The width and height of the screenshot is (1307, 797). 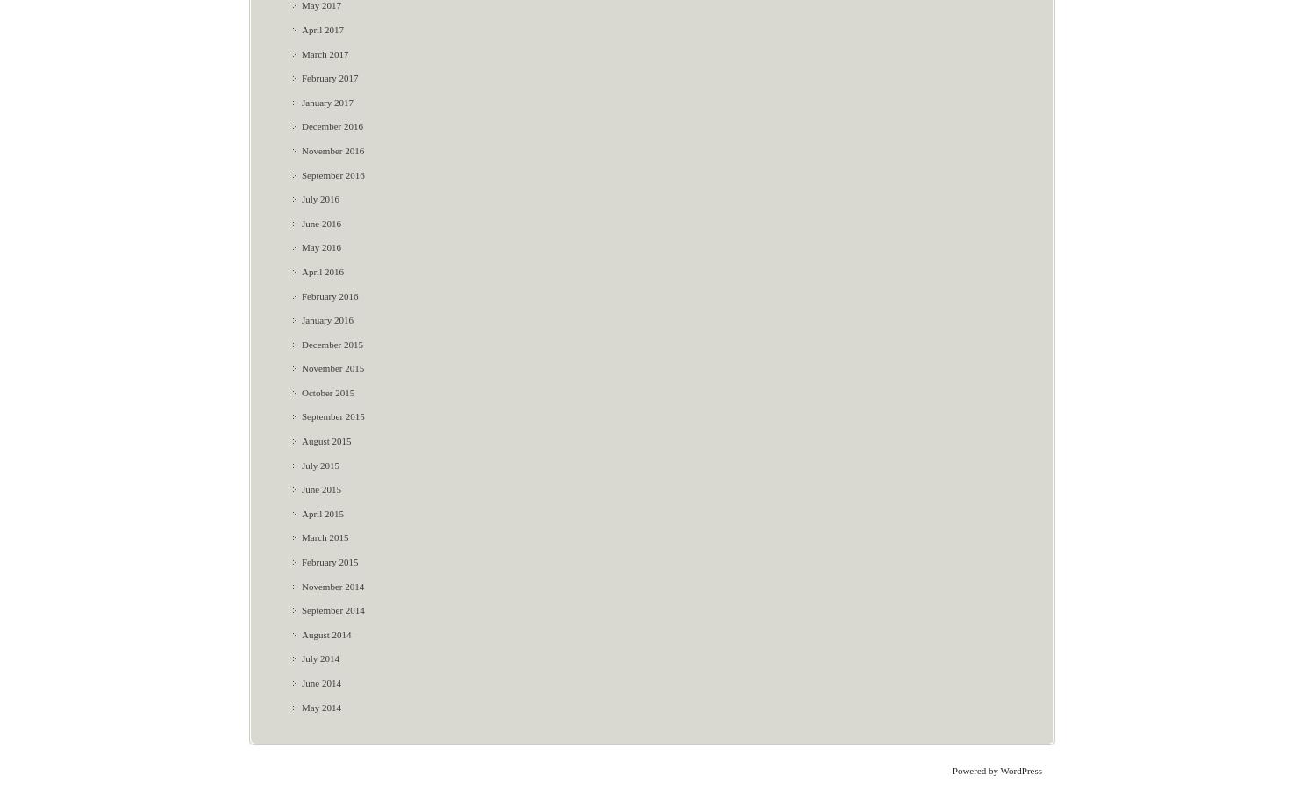 I want to click on 'April 2017', so click(x=321, y=27).